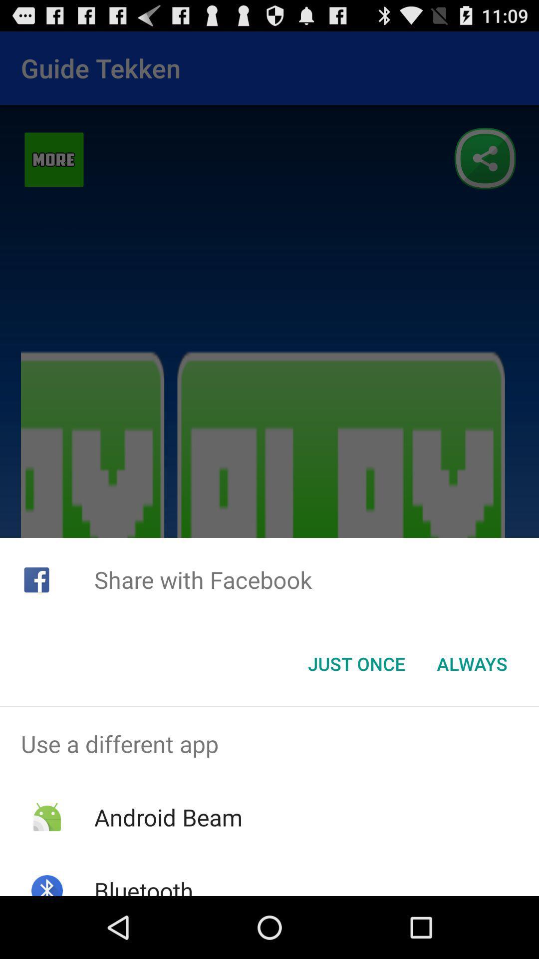  What do you see at coordinates (144, 885) in the screenshot?
I see `app below android beam` at bounding box center [144, 885].